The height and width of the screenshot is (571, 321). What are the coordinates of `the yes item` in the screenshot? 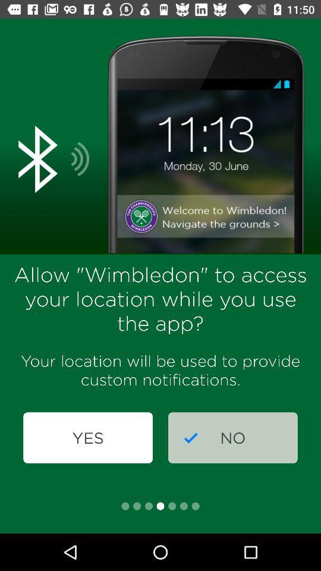 It's located at (87, 437).